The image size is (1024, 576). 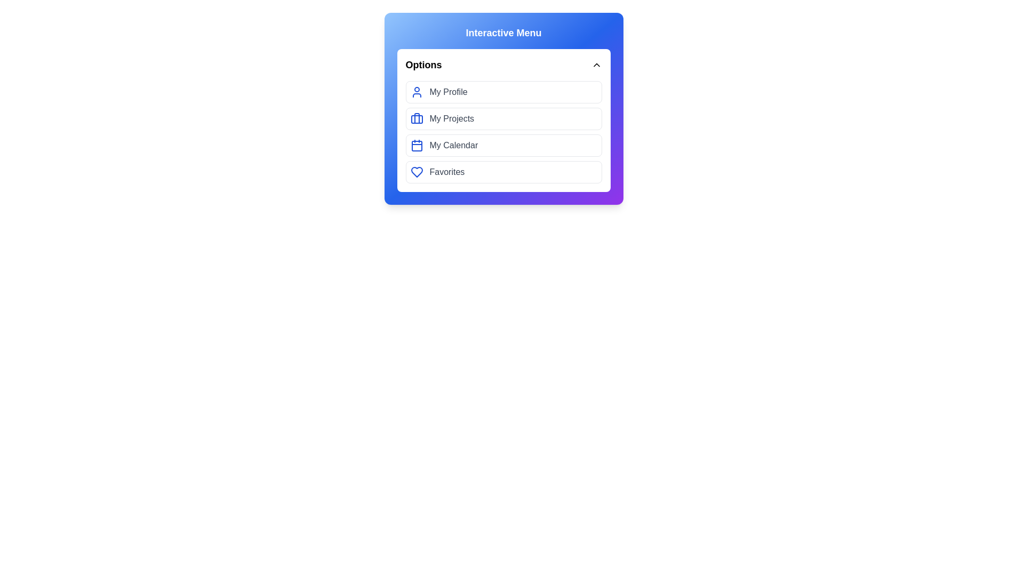 I want to click on the 'My Calendar' text label, which is a medium-weight gray font on a white background, located to the right of a calendar icon in a vertical list of menu items, so click(x=453, y=146).